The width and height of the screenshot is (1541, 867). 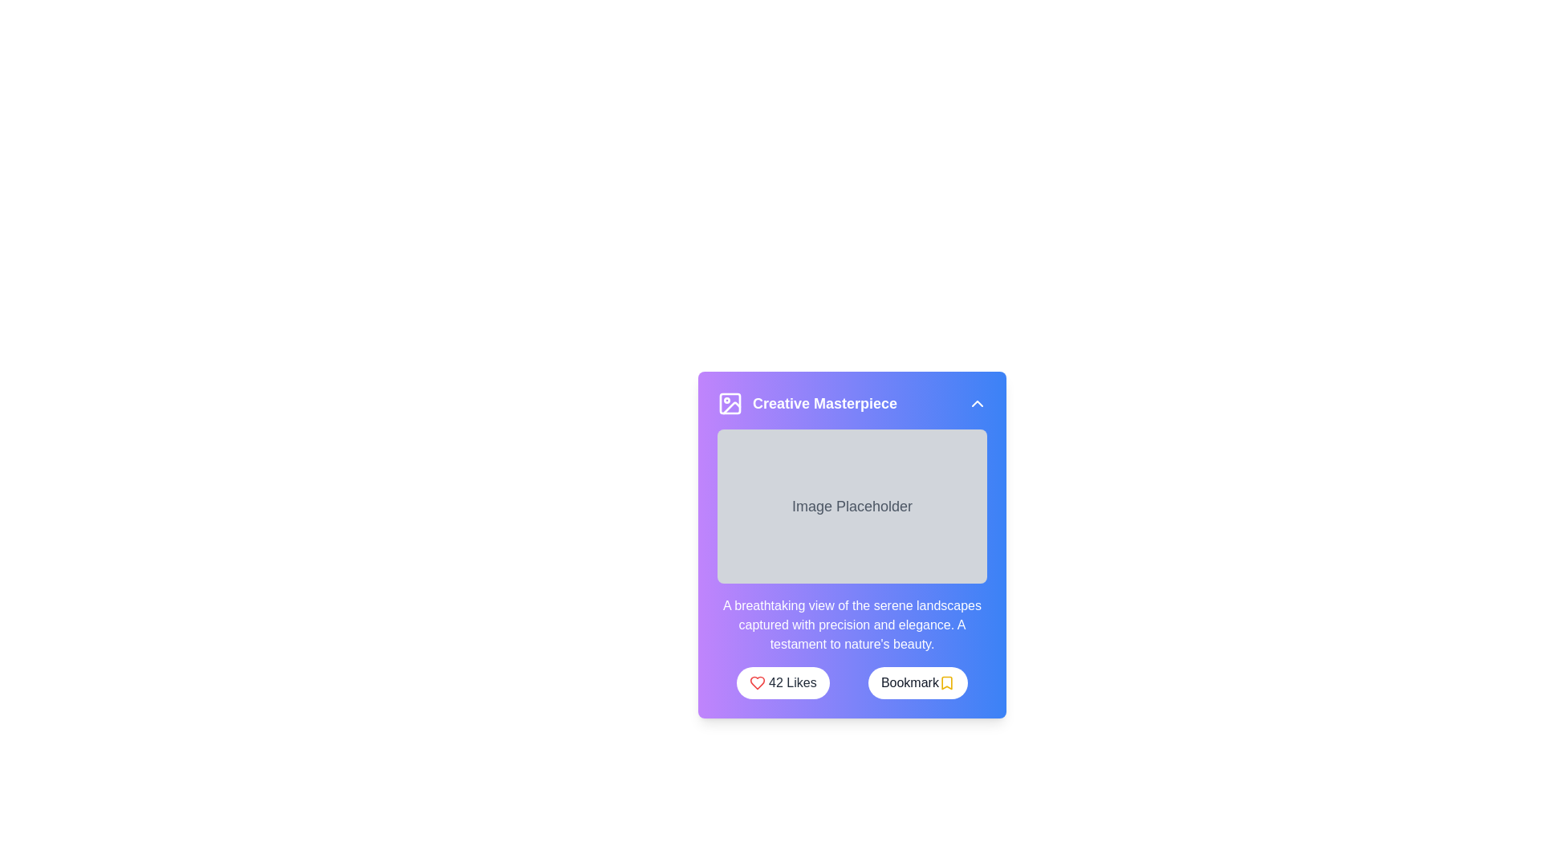 I want to click on the Chevron Arrow Icon located at the top right corner of the 'Creative Masterpiece' header section, beside the 'Creative Masterpiece' text, so click(x=977, y=402).